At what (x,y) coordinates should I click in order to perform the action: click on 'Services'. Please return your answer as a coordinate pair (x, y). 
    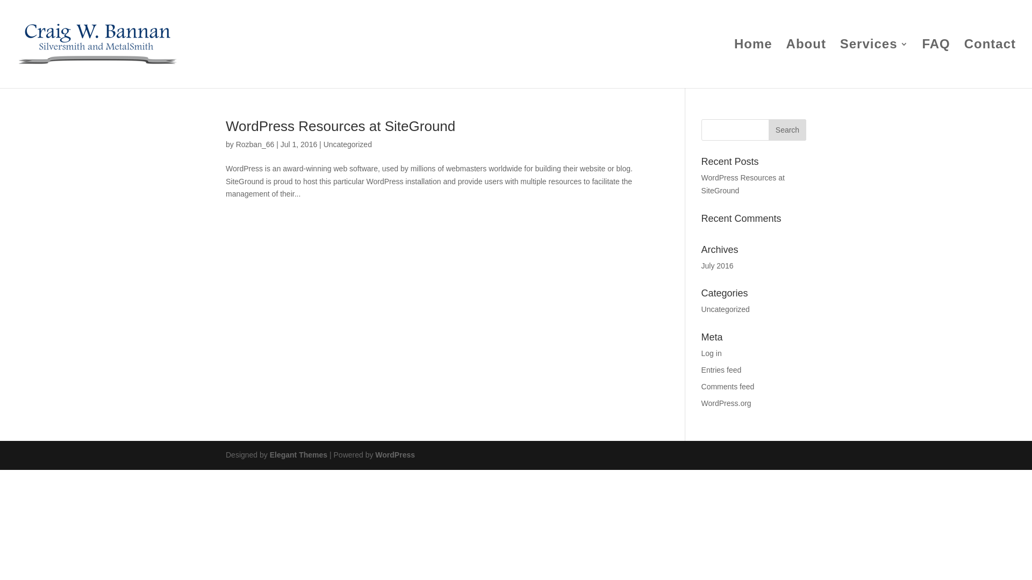
    Looking at the image, I should click on (840, 64).